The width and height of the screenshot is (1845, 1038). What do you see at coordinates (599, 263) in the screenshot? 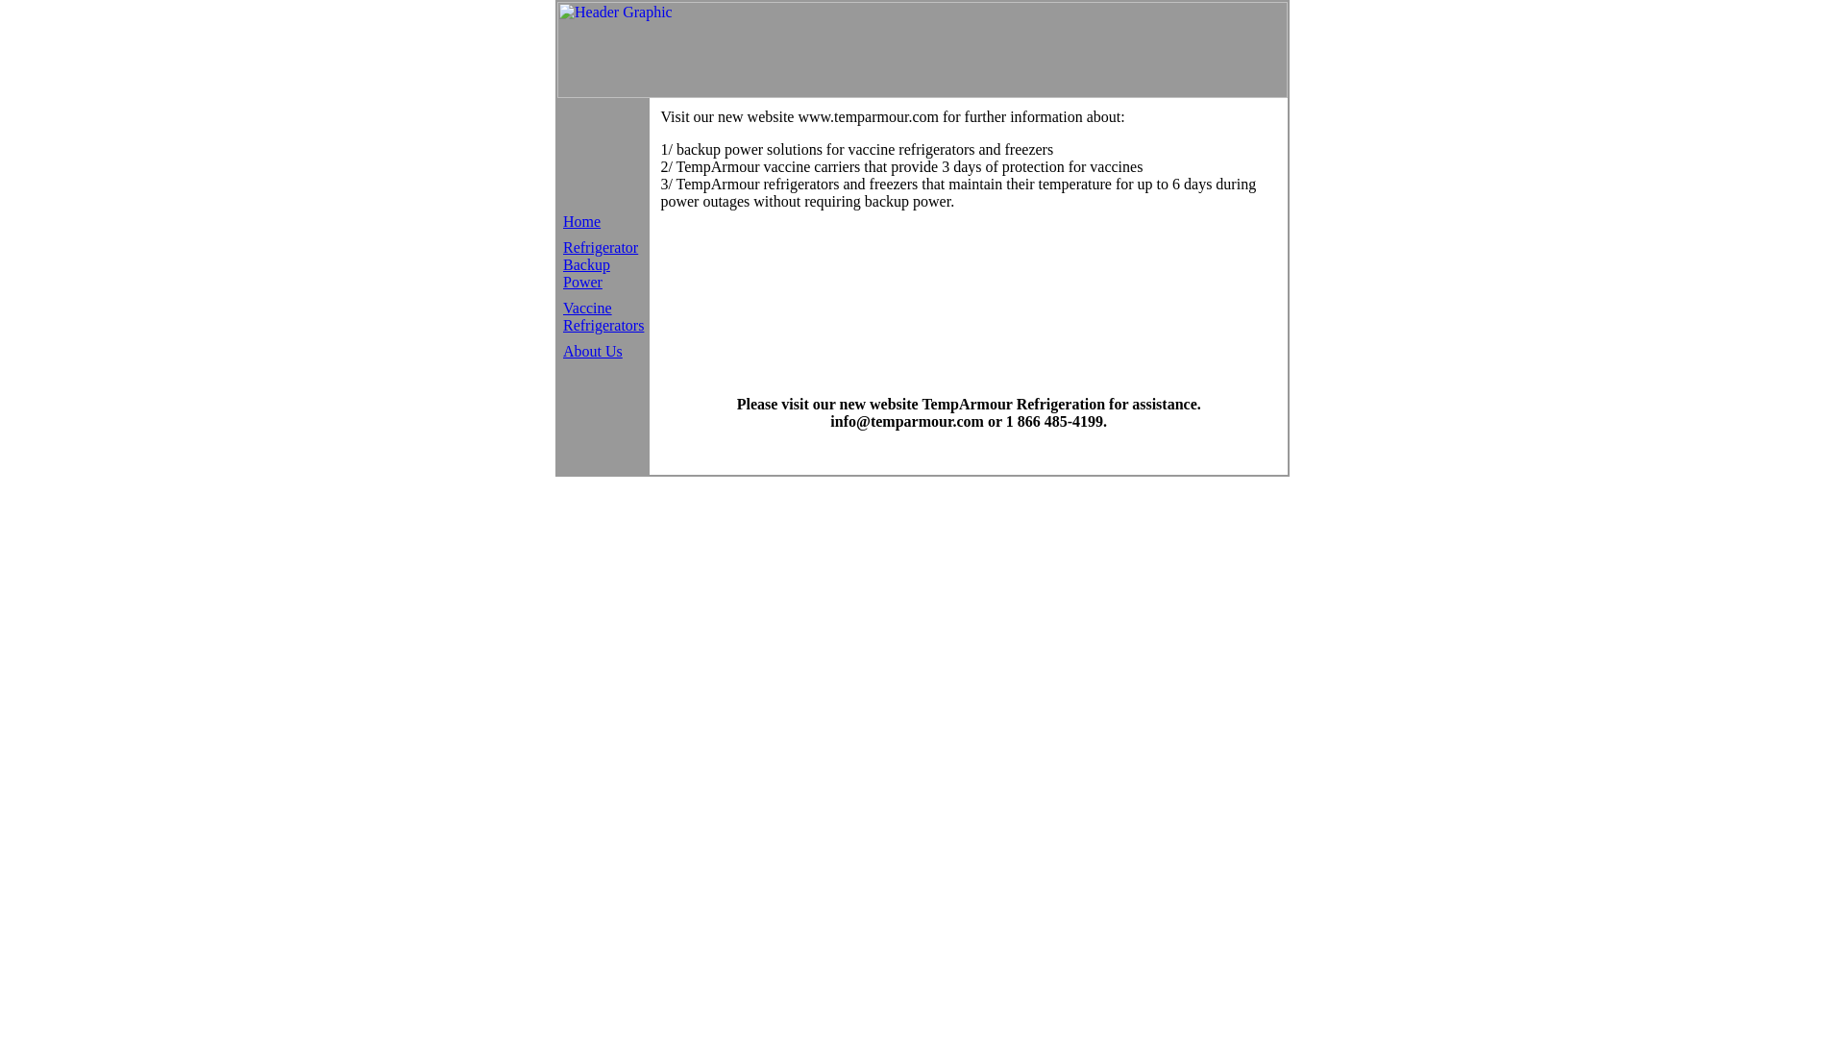
I see `'Refrigerator Backup Power'` at bounding box center [599, 263].